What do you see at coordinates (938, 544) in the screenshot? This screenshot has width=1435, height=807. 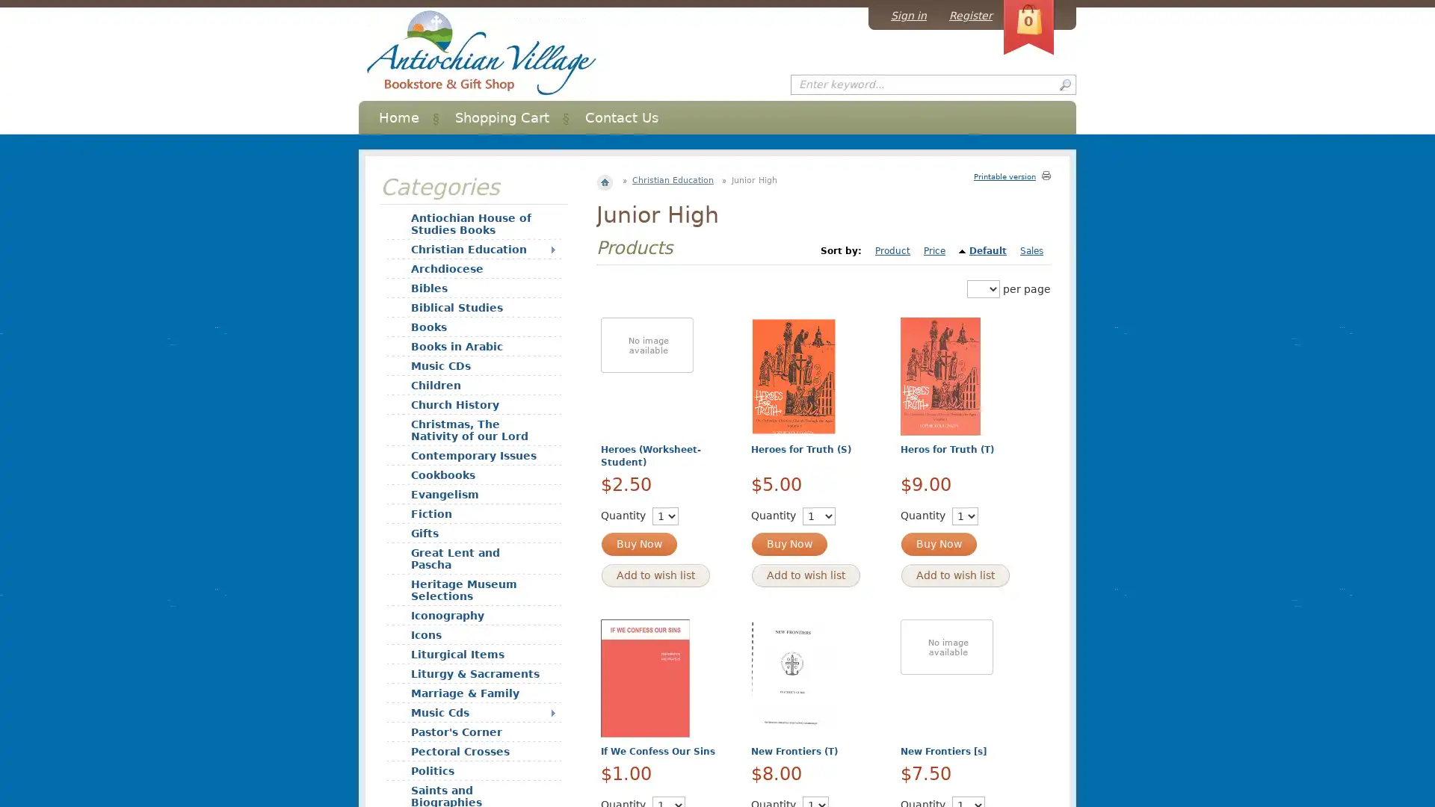 I see `Buy Now` at bounding box center [938, 544].